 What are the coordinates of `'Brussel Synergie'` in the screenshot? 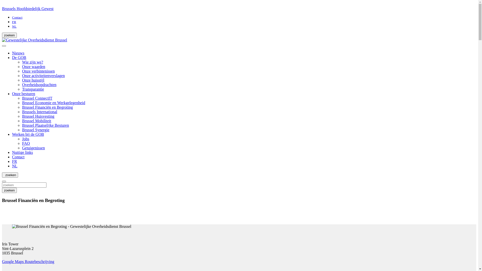 It's located at (22, 129).